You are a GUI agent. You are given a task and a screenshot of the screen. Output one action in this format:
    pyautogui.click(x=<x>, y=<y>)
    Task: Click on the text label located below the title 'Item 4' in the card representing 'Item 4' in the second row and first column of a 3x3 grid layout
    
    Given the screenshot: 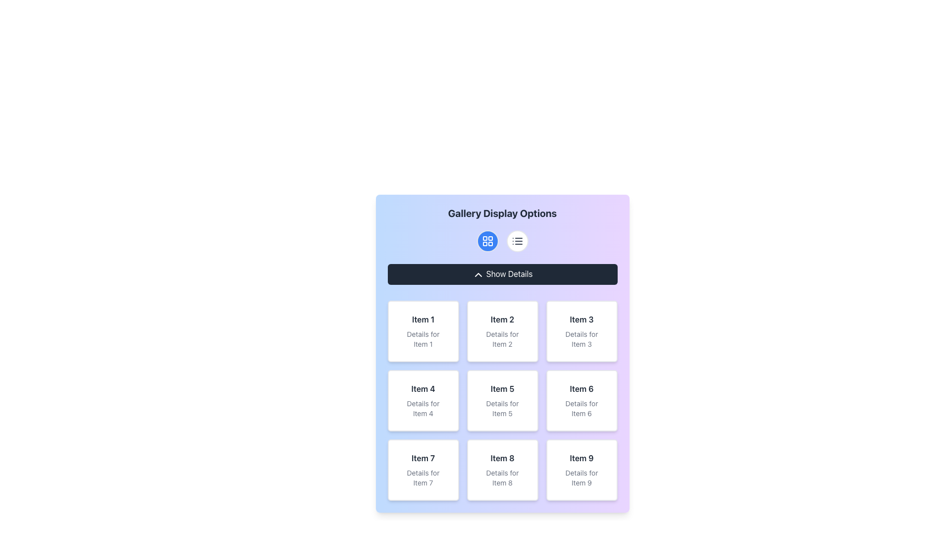 What is the action you would take?
    pyautogui.click(x=423, y=408)
    